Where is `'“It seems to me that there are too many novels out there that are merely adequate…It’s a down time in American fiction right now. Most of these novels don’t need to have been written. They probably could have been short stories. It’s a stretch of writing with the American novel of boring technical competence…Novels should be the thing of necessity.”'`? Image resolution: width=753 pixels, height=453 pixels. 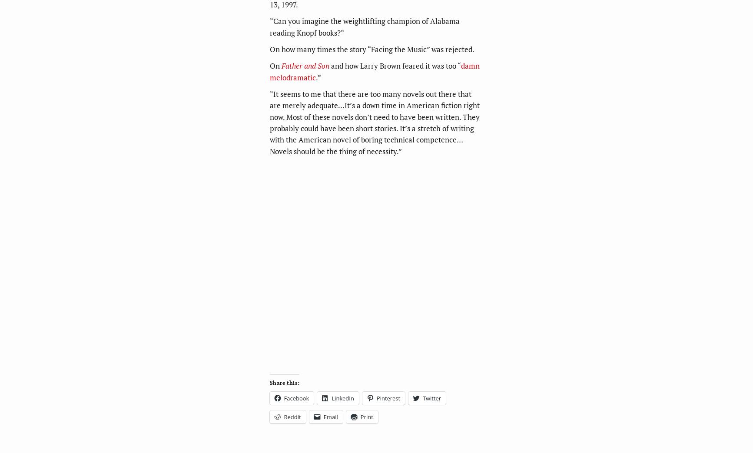
'“It seems to me that there are too many novels out there that are merely adequate…It’s a down time in American fiction right now. Most of these novels don’t need to have been written. They probably could have been short stories. It’s a stretch of writing with the American novel of boring technical competence…Novels should be the thing of necessity.”' is located at coordinates (374, 122).